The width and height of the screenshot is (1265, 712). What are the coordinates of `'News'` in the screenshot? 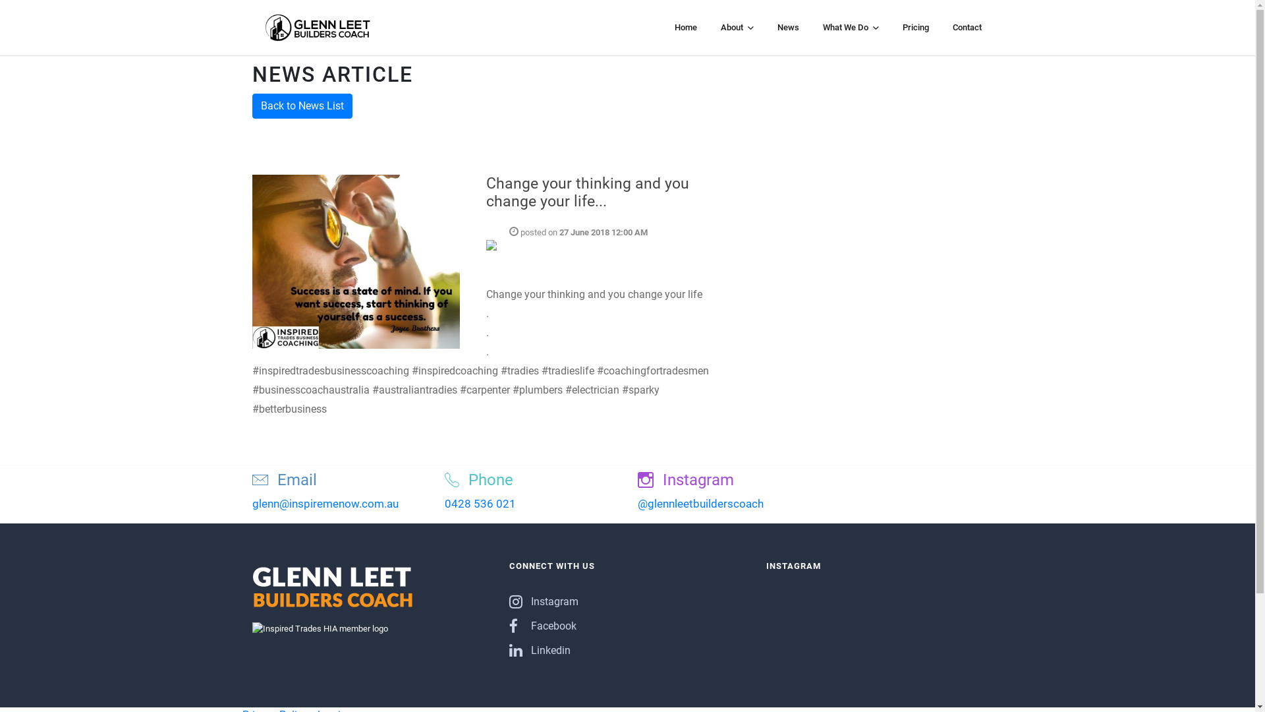 It's located at (771, 28).